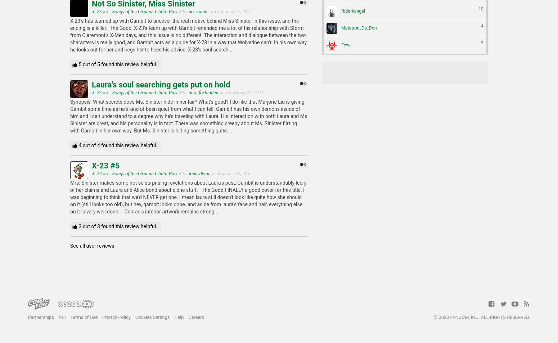 The width and height of the screenshot is (558, 343). What do you see at coordinates (178, 317) in the screenshot?
I see `'Help'` at bounding box center [178, 317].